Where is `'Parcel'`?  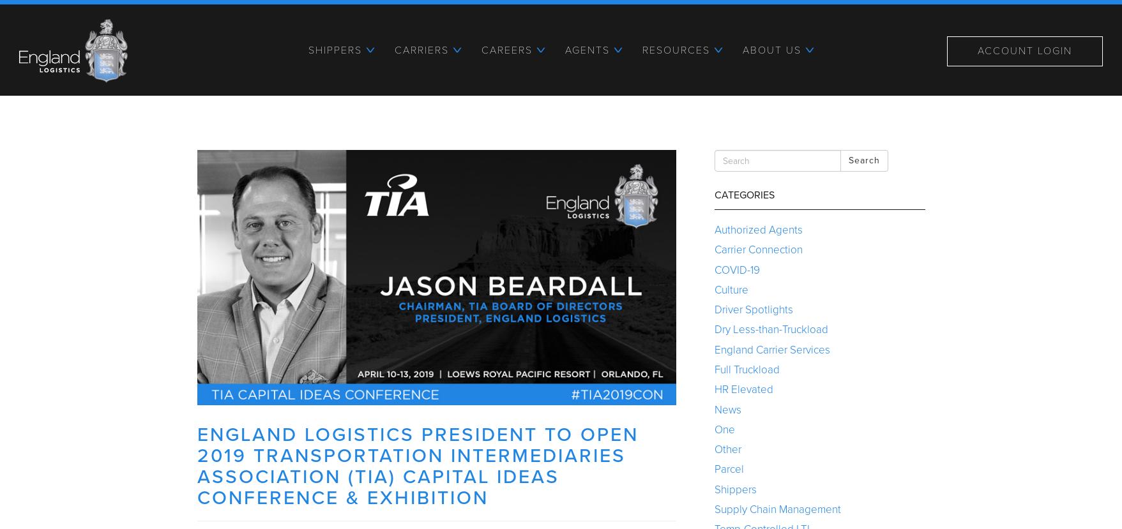 'Parcel' is located at coordinates (727, 468).